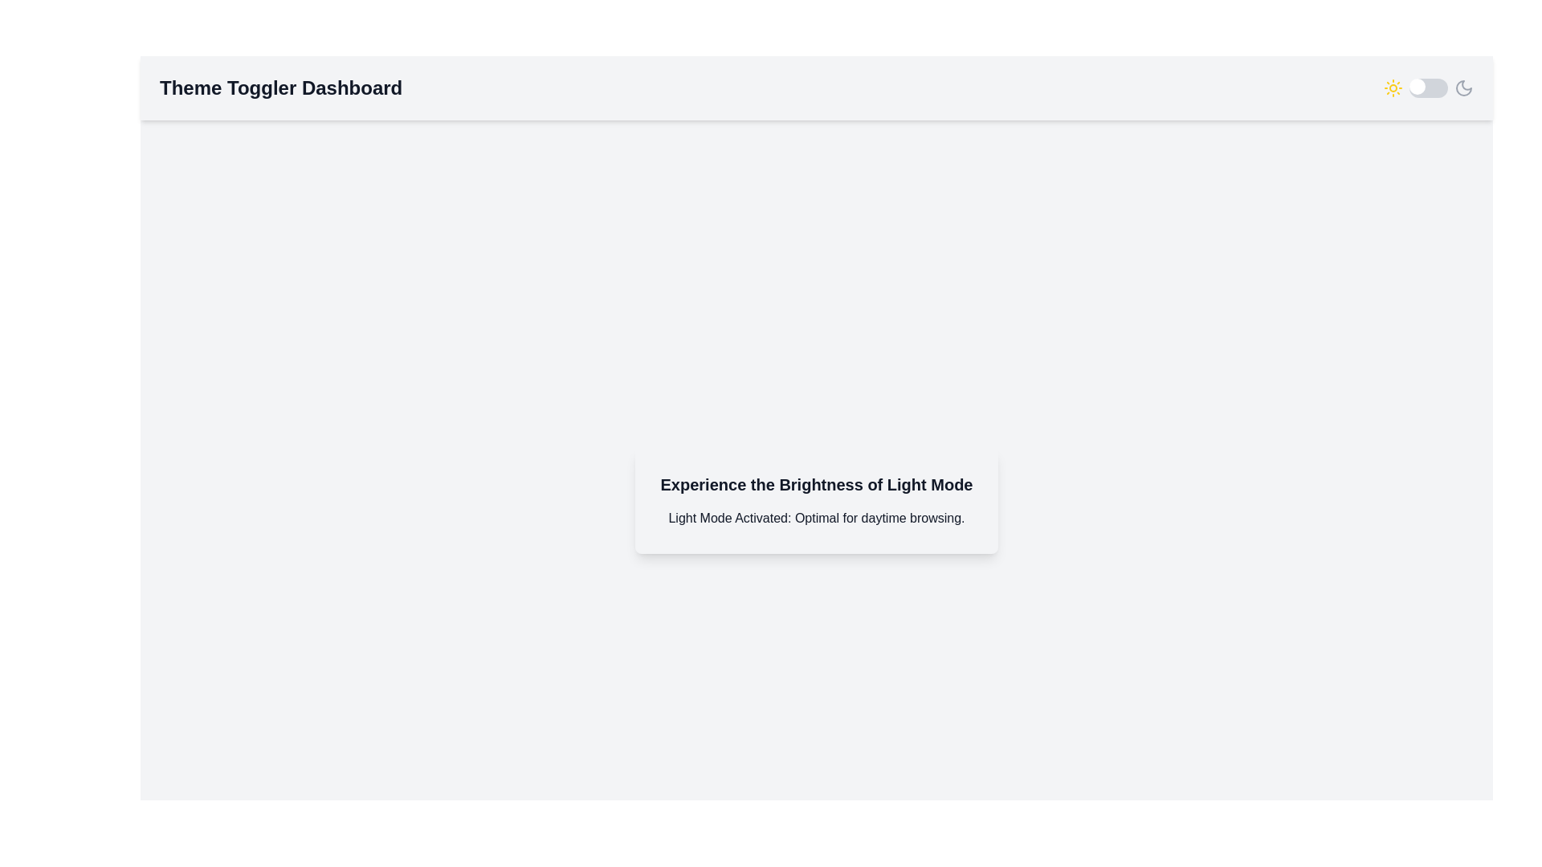 The image size is (1542, 867). What do you see at coordinates (817, 518) in the screenshot?
I see `the static text element displaying 'Light Mode Activated: Optimal for daytime browsing.' which is located beneath the header 'Experience the Brightness of Light Mode.'` at bounding box center [817, 518].